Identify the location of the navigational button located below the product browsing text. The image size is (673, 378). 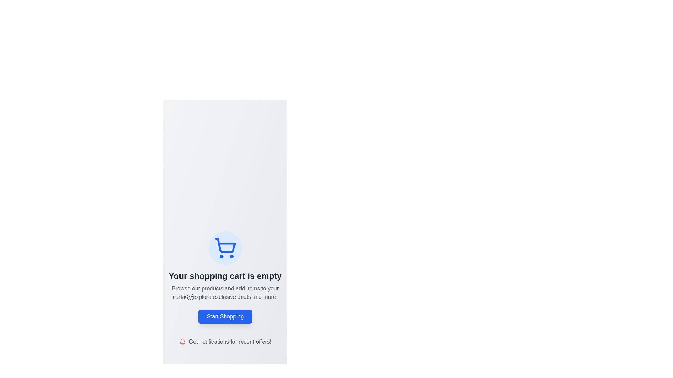
(225, 317).